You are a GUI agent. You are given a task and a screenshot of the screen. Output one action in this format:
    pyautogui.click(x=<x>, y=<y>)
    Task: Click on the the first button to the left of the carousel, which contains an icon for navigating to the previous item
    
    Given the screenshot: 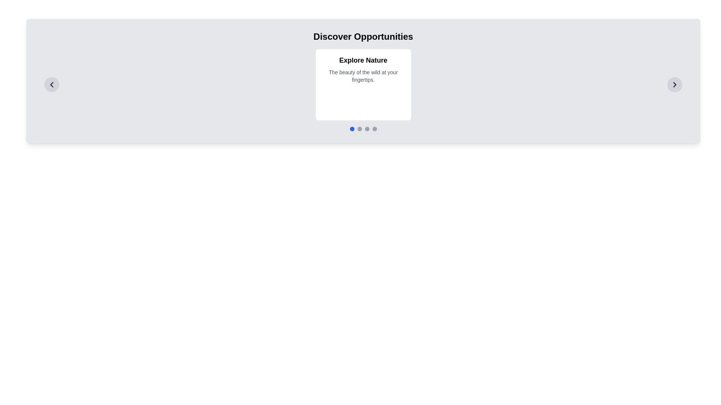 What is the action you would take?
    pyautogui.click(x=51, y=84)
    